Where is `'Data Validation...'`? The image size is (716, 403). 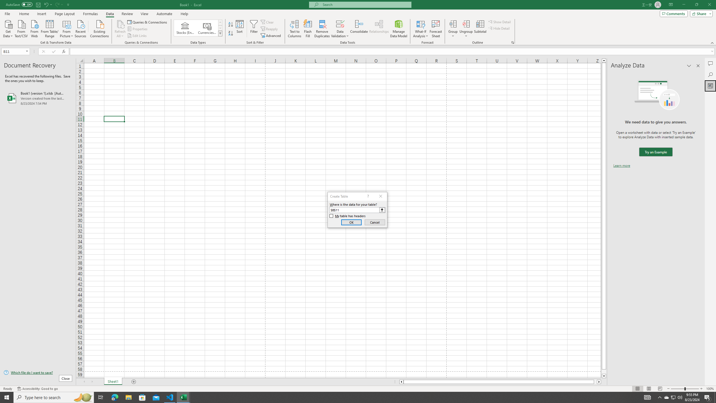
'Data Validation...' is located at coordinates (340, 29).